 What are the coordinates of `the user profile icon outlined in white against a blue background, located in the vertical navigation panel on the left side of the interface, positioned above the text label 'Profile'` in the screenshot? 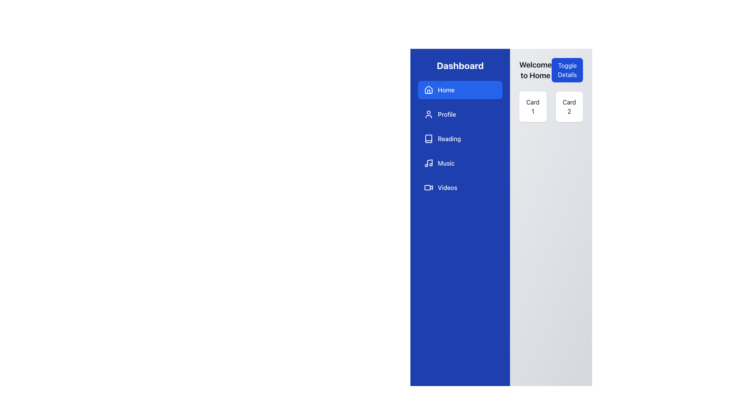 It's located at (429, 114).